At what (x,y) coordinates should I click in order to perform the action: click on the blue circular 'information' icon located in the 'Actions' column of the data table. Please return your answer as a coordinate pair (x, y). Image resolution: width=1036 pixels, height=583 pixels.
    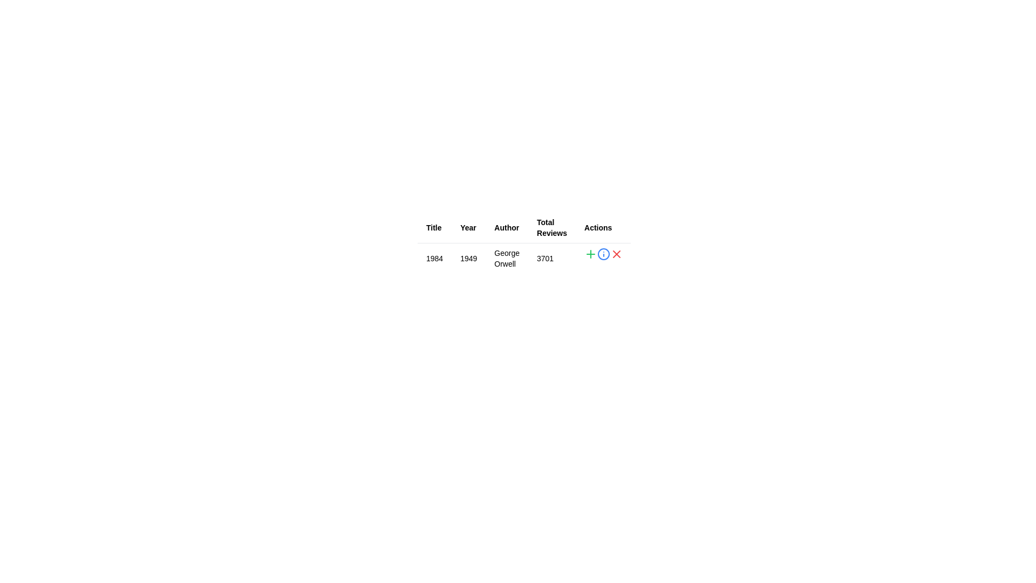
    Looking at the image, I should click on (603, 254).